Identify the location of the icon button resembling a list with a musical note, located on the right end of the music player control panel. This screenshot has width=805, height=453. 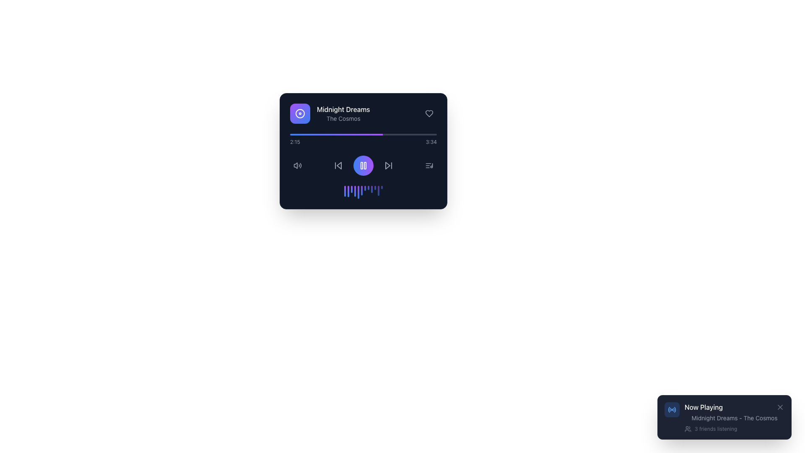
(429, 165).